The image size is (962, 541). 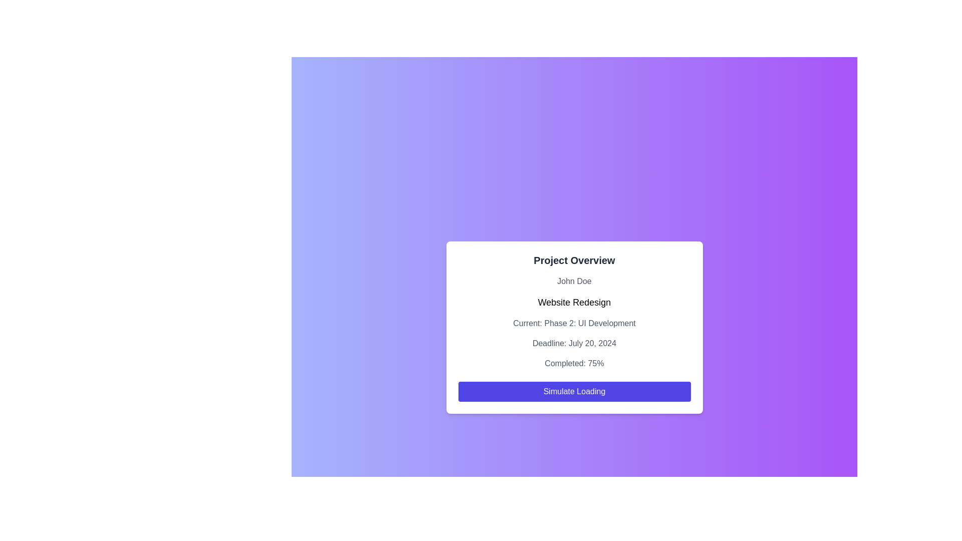 What do you see at coordinates (574, 363) in the screenshot?
I see `the static text display that indicates the completion percentage of the task, located below 'Deadline: July 20, 2024' and above the 'Simulate Loading' button` at bounding box center [574, 363].